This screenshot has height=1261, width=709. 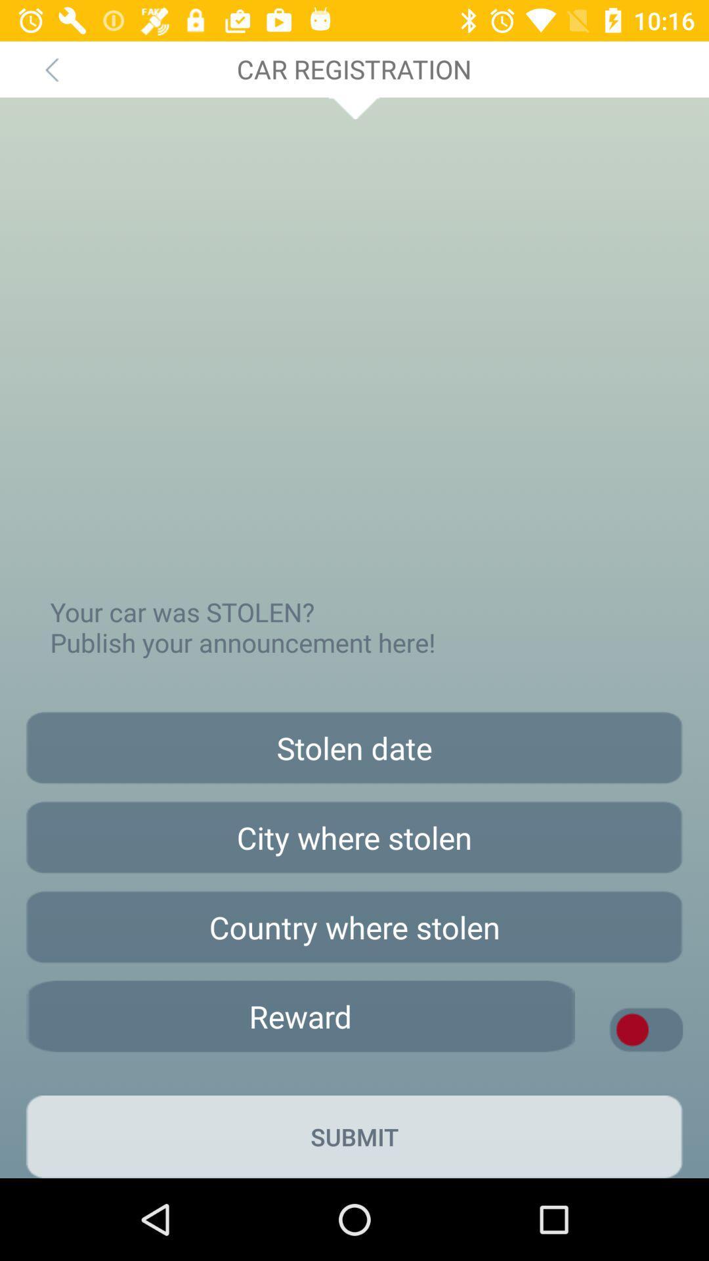 I want to click on the item next to the car registration icon, so click(x=51, y=68).